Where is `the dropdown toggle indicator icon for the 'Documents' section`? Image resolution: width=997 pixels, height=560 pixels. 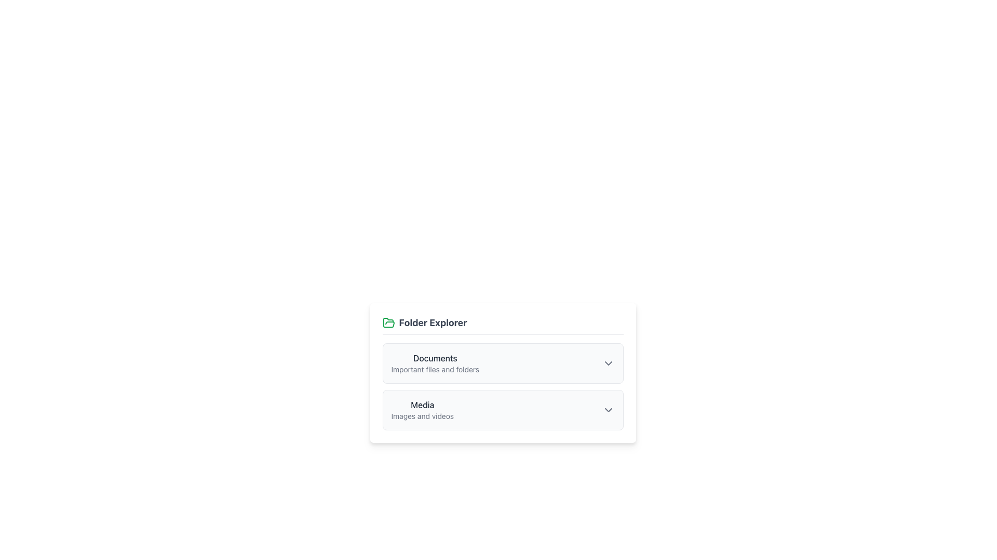
the dropdown toggle indicator icon for the 'Documents' section is located at coordinates (608, 363).